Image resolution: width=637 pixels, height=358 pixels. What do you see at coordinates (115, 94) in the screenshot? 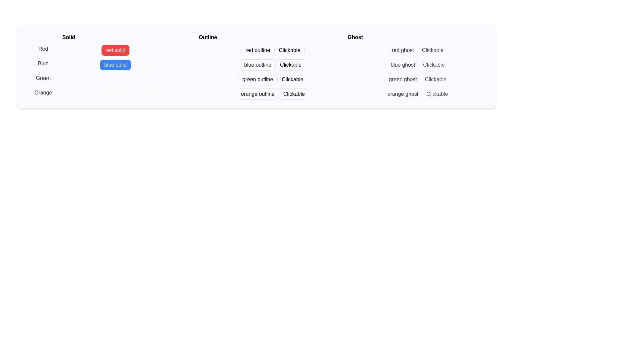
I see `the prominent orange button labeled 'orange solid' located under the 'Orange' section in the 'Solid' column, positioned to the left of the word 'Clickable'` at bounding box center [115, 94].